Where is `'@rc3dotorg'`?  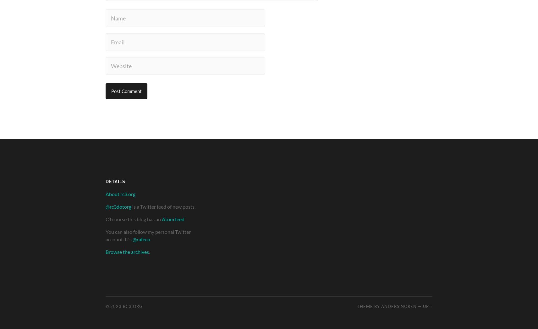
'@rc3dotorg' is located at coordinates (118, 206).